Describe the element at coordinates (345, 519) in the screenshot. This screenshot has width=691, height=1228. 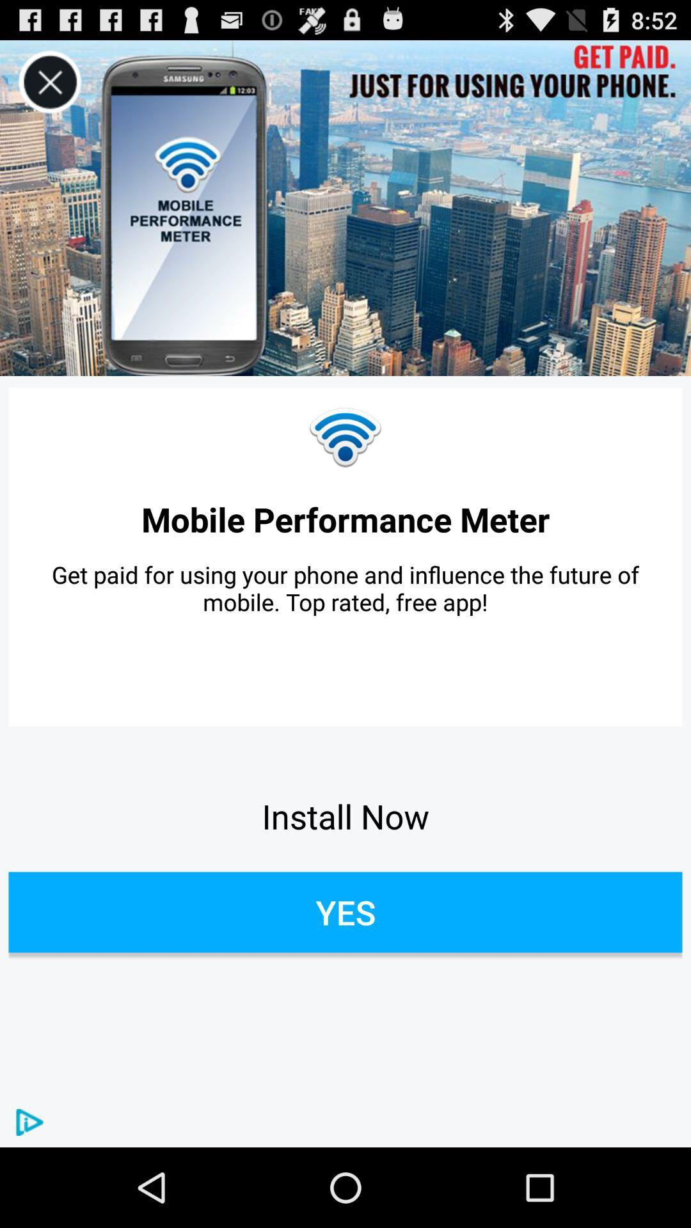
I see `the icon above get paid for item` at that location.